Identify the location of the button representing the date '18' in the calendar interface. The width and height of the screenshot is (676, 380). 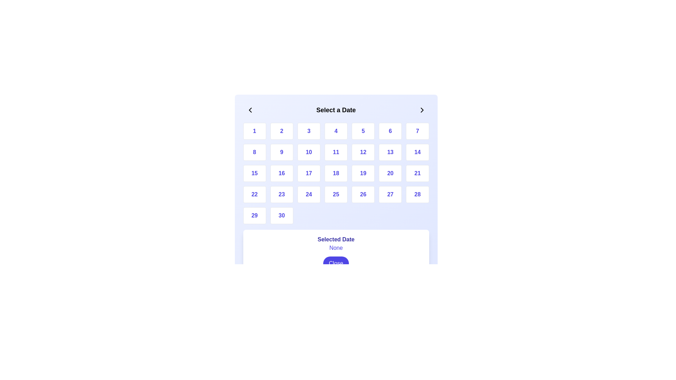
(336, 173).